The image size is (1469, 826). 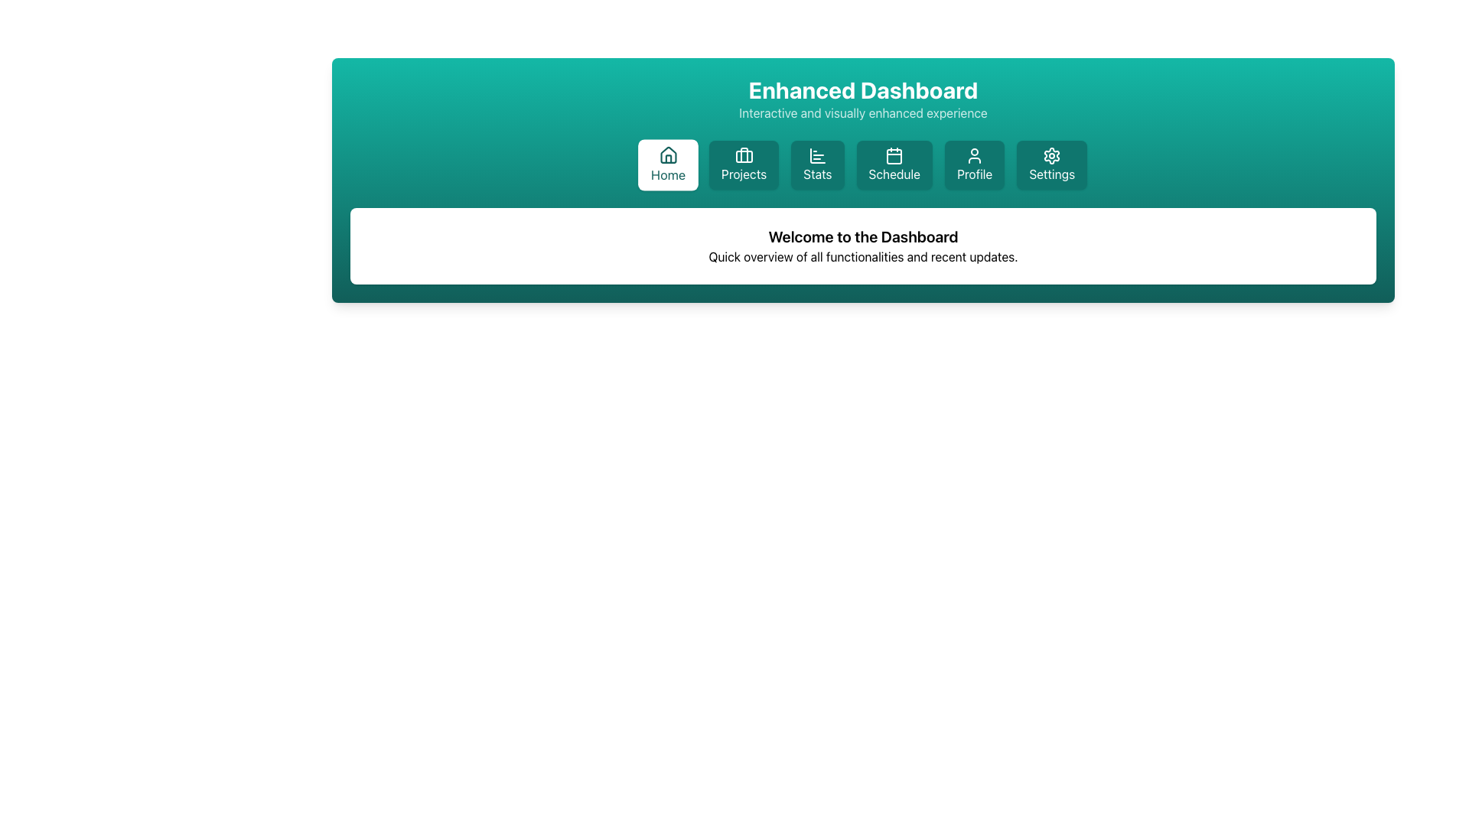 What do you see at coordinates (974, 173) in the screenshot?
I see `text label indicating the 'Profile' navigation button, which is positioned between the 'Schedule' and 'Settings' buttons` at bounding box center [974, 173].